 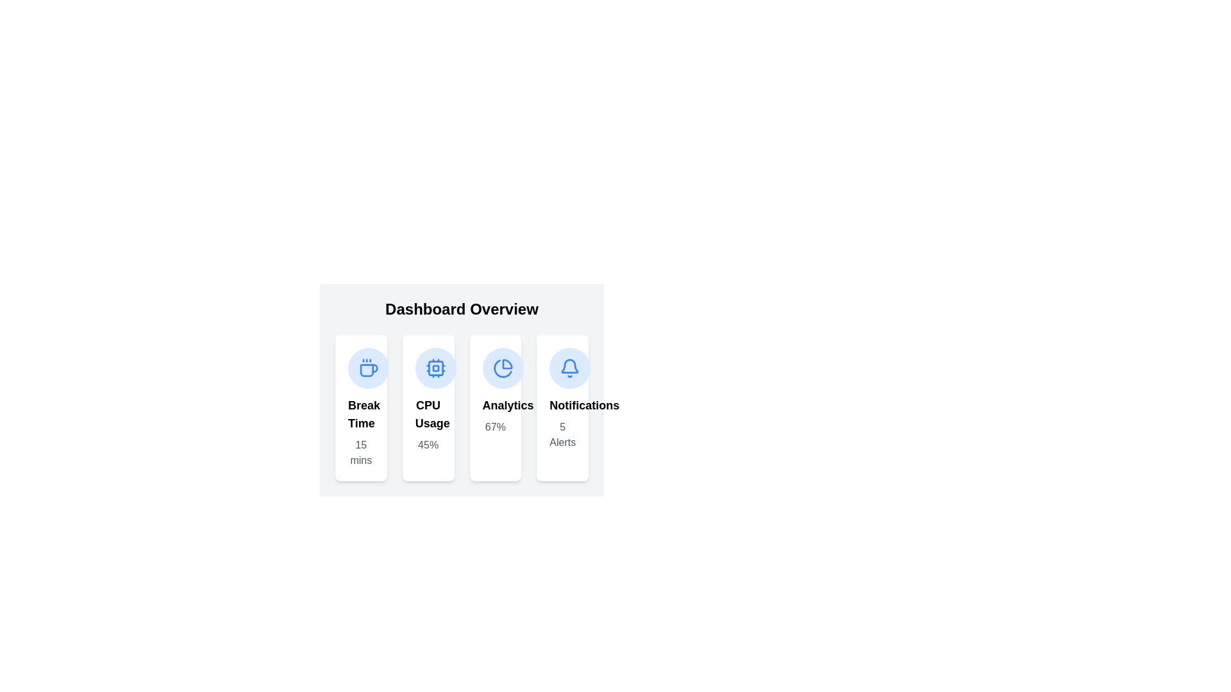 I want to click on the informational card displaying 'CPU Usage' with a blue CPU chip icon above it, which is located in the second position of a horizontal row of four items, so click(x=428, y=408).